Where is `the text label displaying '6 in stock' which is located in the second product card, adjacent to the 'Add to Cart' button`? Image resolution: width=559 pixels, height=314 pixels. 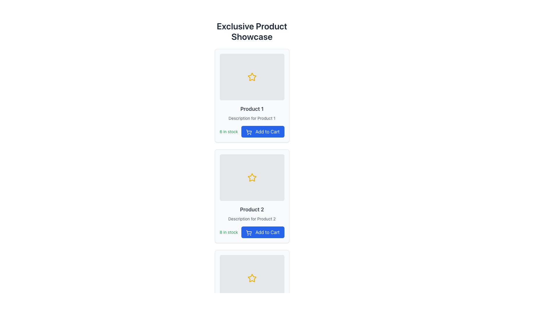 the text label displaying '6 in stock' which is located in the second product card, adjacent to the 'Add to Cart' button is located at coordinates (228, 131).